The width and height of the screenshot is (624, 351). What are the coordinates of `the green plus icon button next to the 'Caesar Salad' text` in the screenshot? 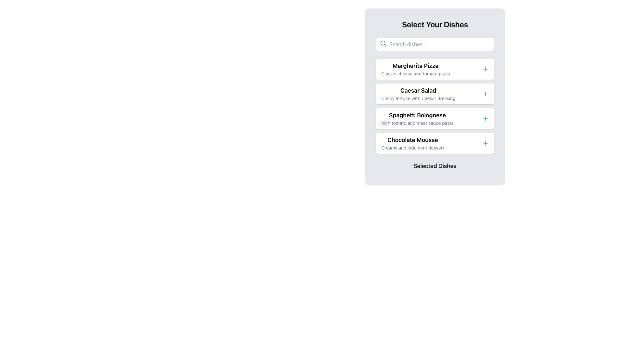 It's located at (485, 94).